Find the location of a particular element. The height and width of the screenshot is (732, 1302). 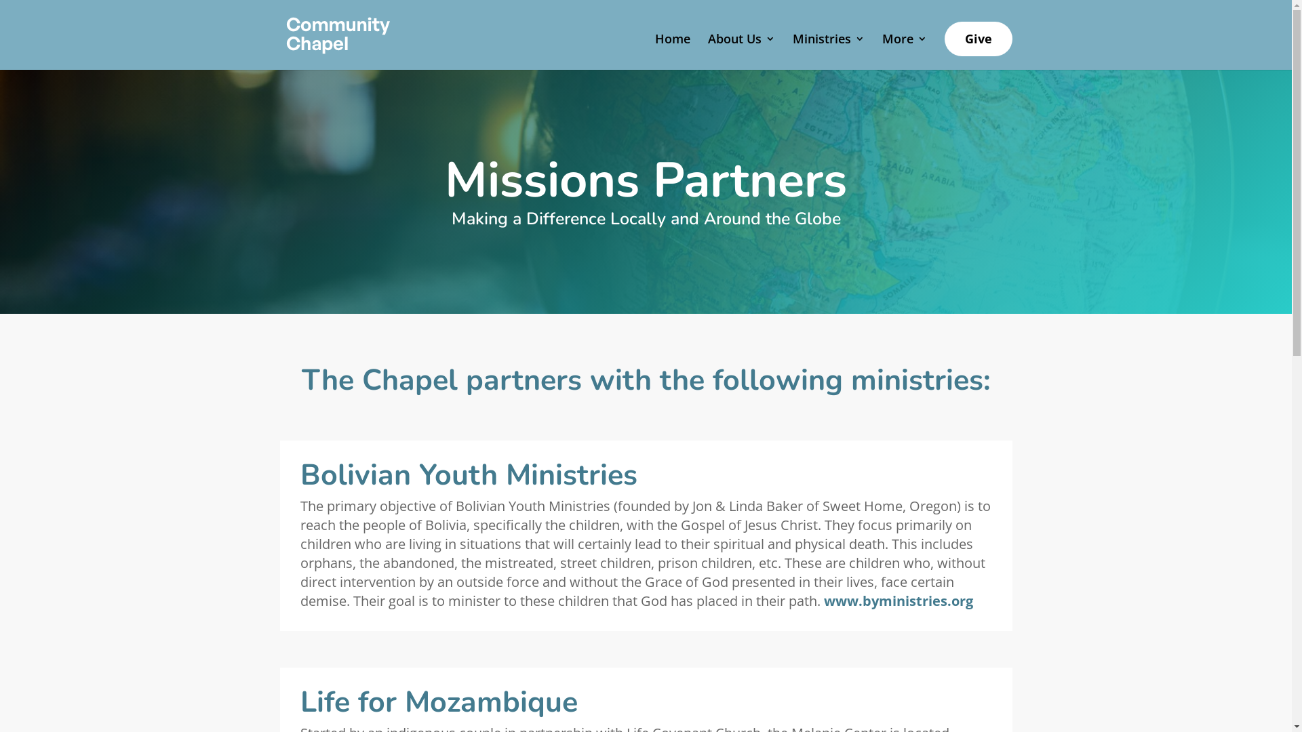

'About Us' is located at coordinates (741, 49).